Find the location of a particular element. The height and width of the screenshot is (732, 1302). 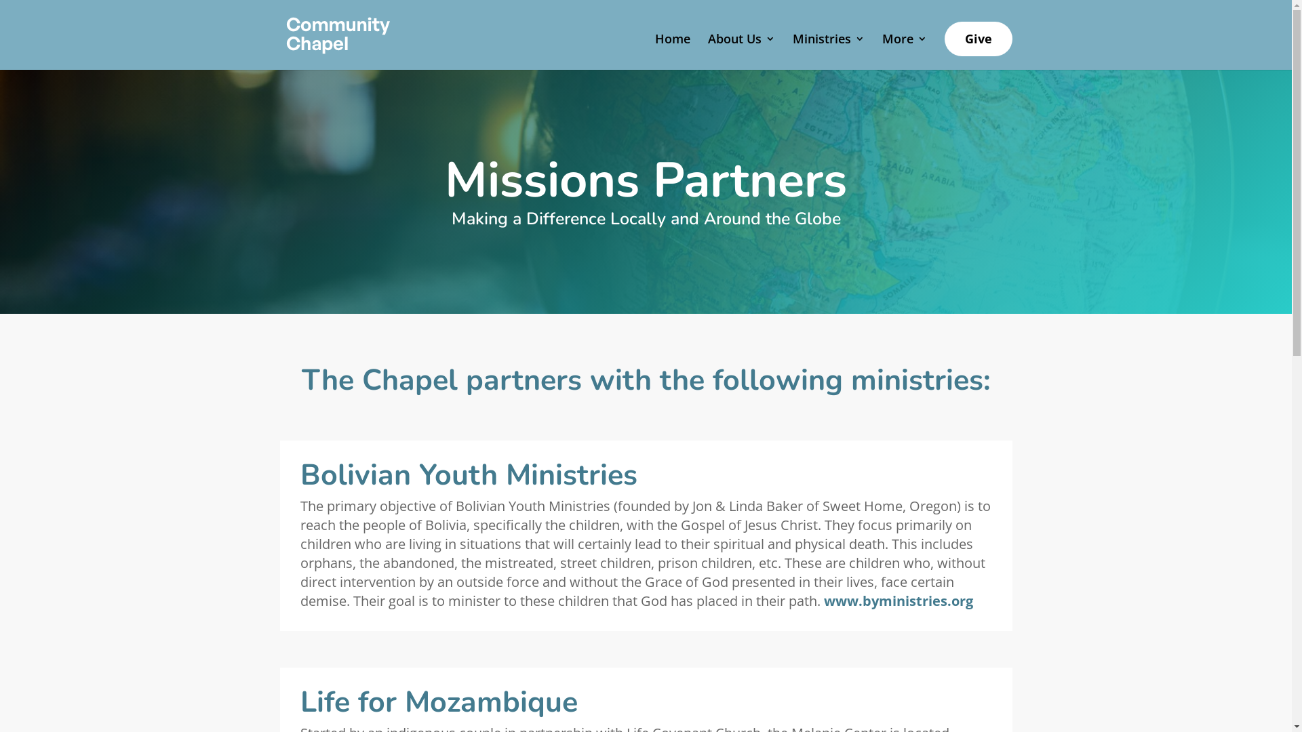

'About Us' is located at coordinates (741, 49).